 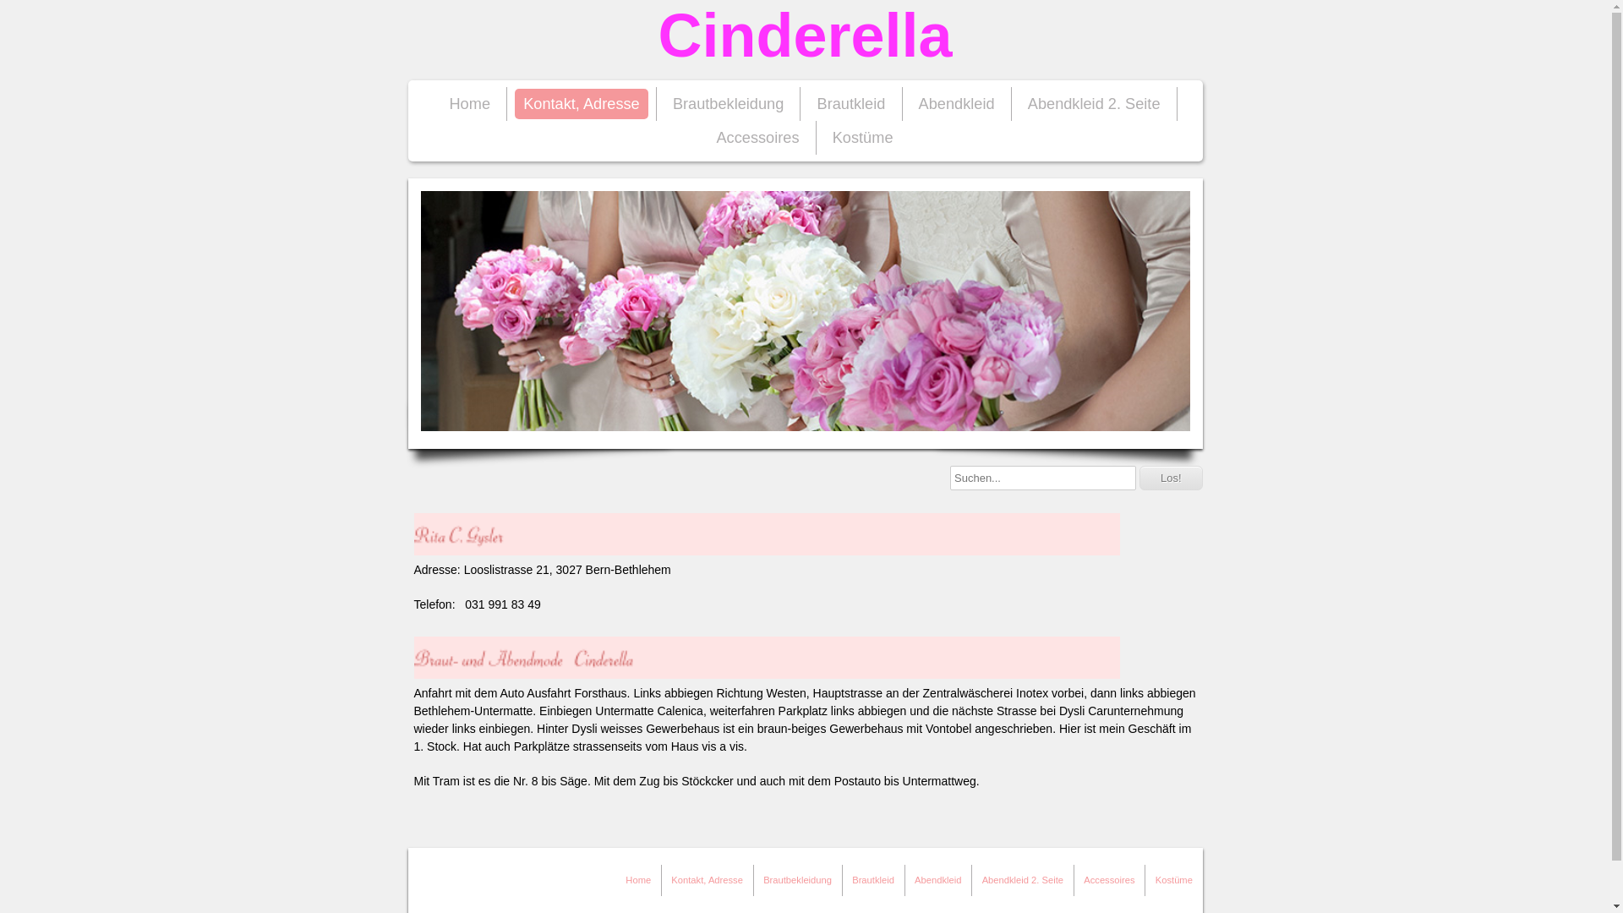 What do you see at coordinates (757, 136) in the screenshot?
I see `'Accessoires'` at bounding box center [757, 136].